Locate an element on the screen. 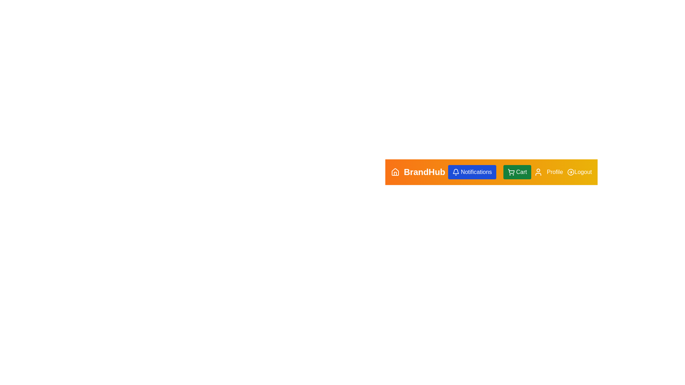  the 'Cart' button to view the shopping cart is located at coordinates (517, 172).